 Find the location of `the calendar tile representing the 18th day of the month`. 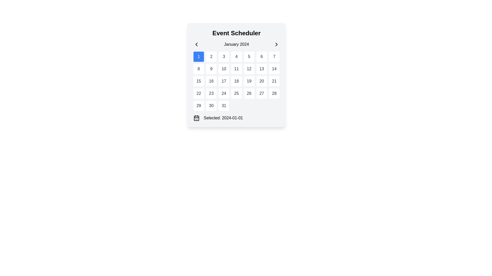

the calendar tile representing the 18th day of the month is located at coordinates (236, 81).